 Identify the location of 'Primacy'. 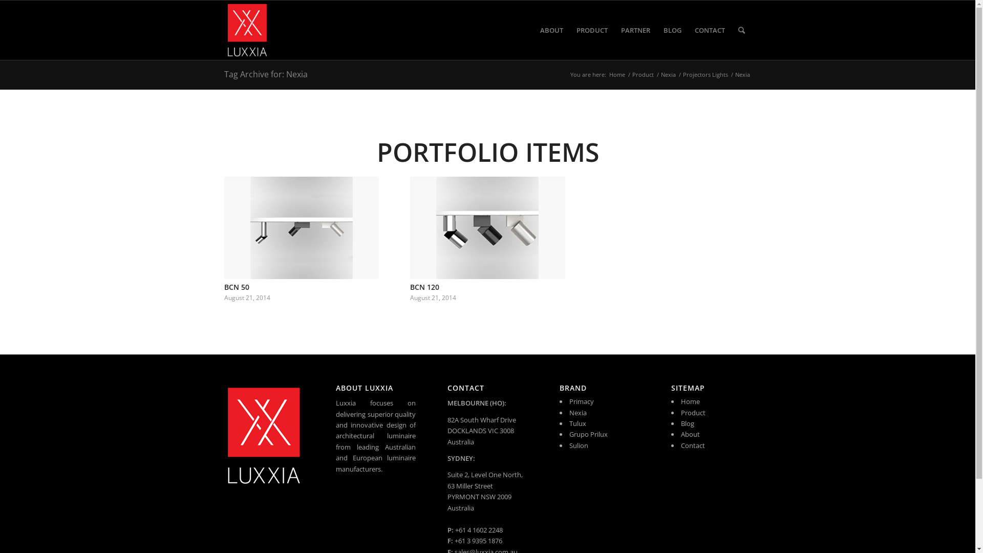
(582, 400).